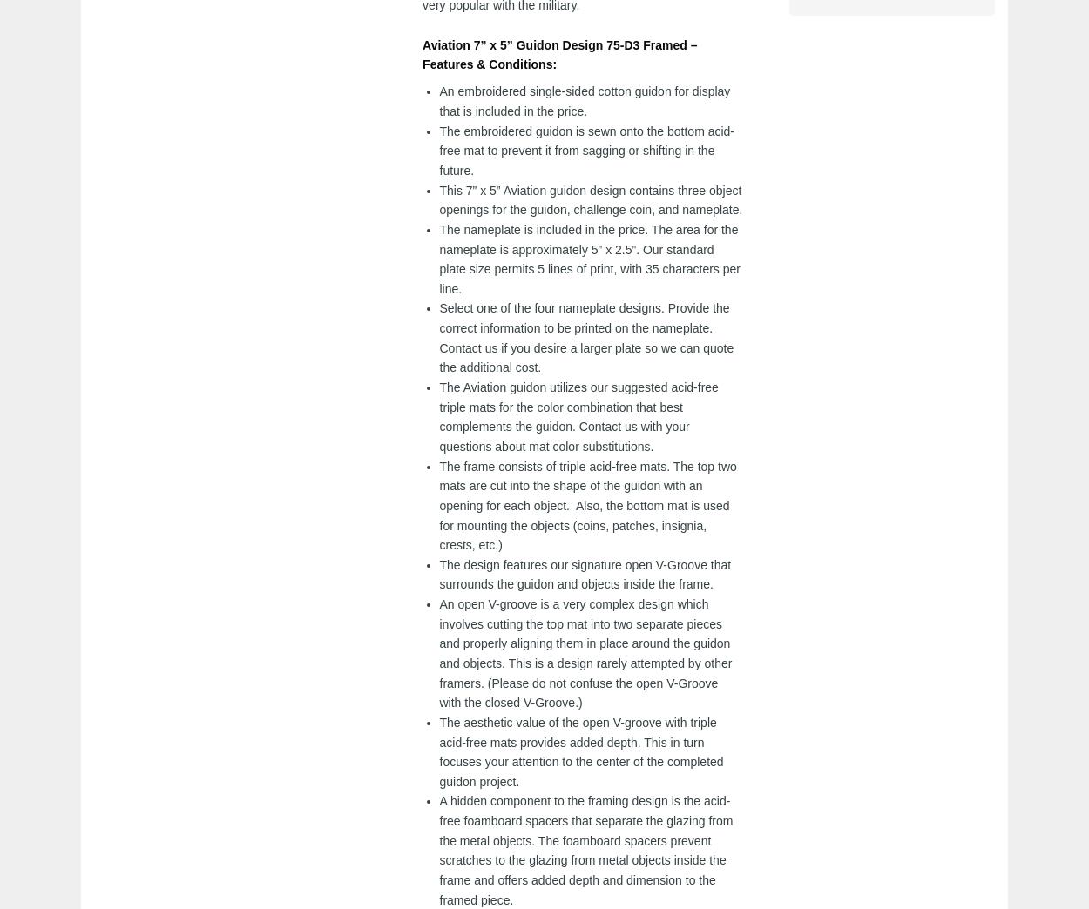  I want to click on 'Select one of the four nameplate designs. Provide the correct information to be printed on the nameplate. Contact us if you desire a larger plate so we can quote the additional cost.', so click(586, 337).